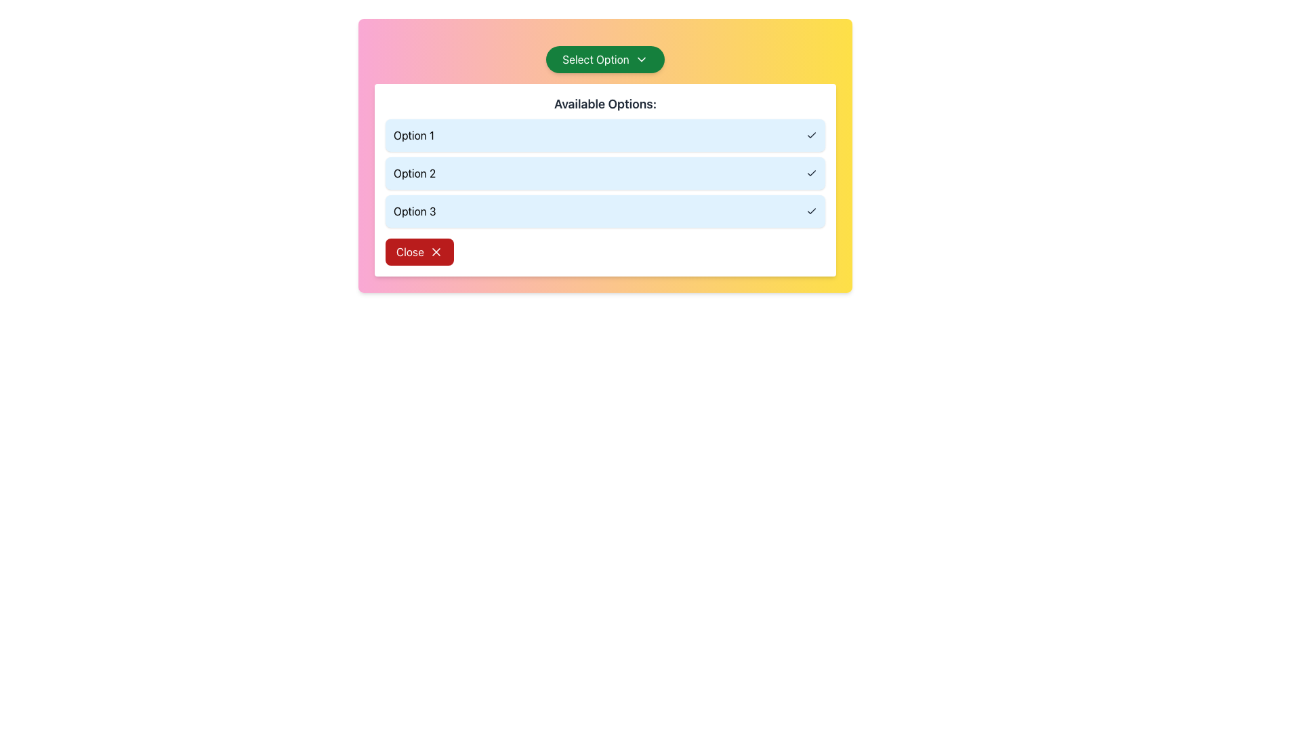 Image resolution: width=1301 pixels, height=732 pixels. What do you see at coordinates (419, 251) in the screenshot?
I see `the red 'Close' button with rounded corners located at the bottom of the 'Available Options' card` at bounding box center [419, 251].